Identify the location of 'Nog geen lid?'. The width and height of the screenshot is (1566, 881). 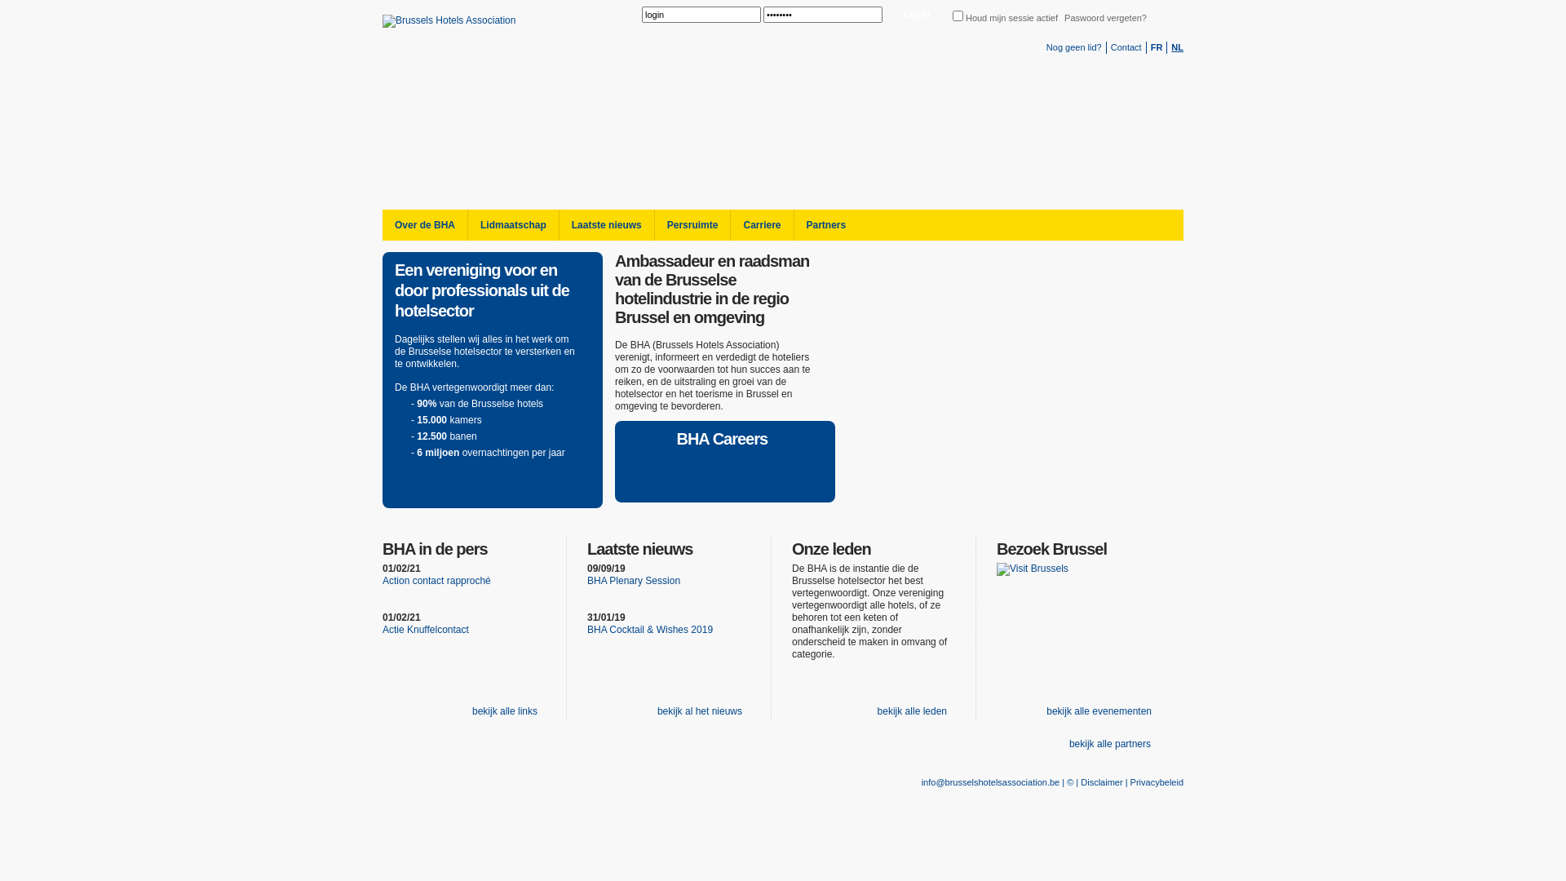
(1073, 46).